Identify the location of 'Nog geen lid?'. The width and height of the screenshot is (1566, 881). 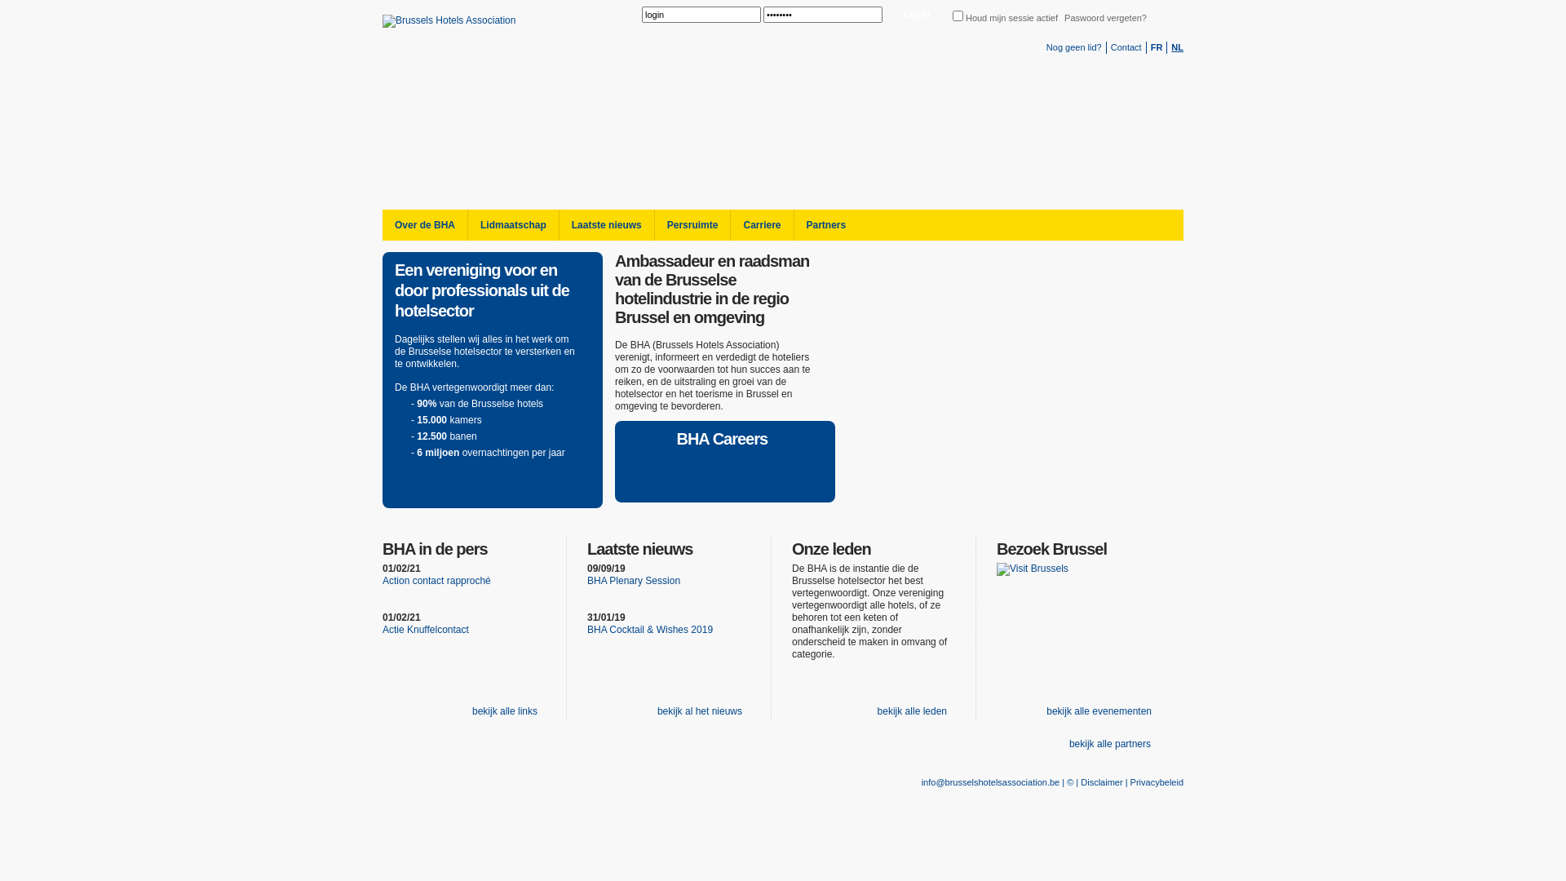
(1073, 46).